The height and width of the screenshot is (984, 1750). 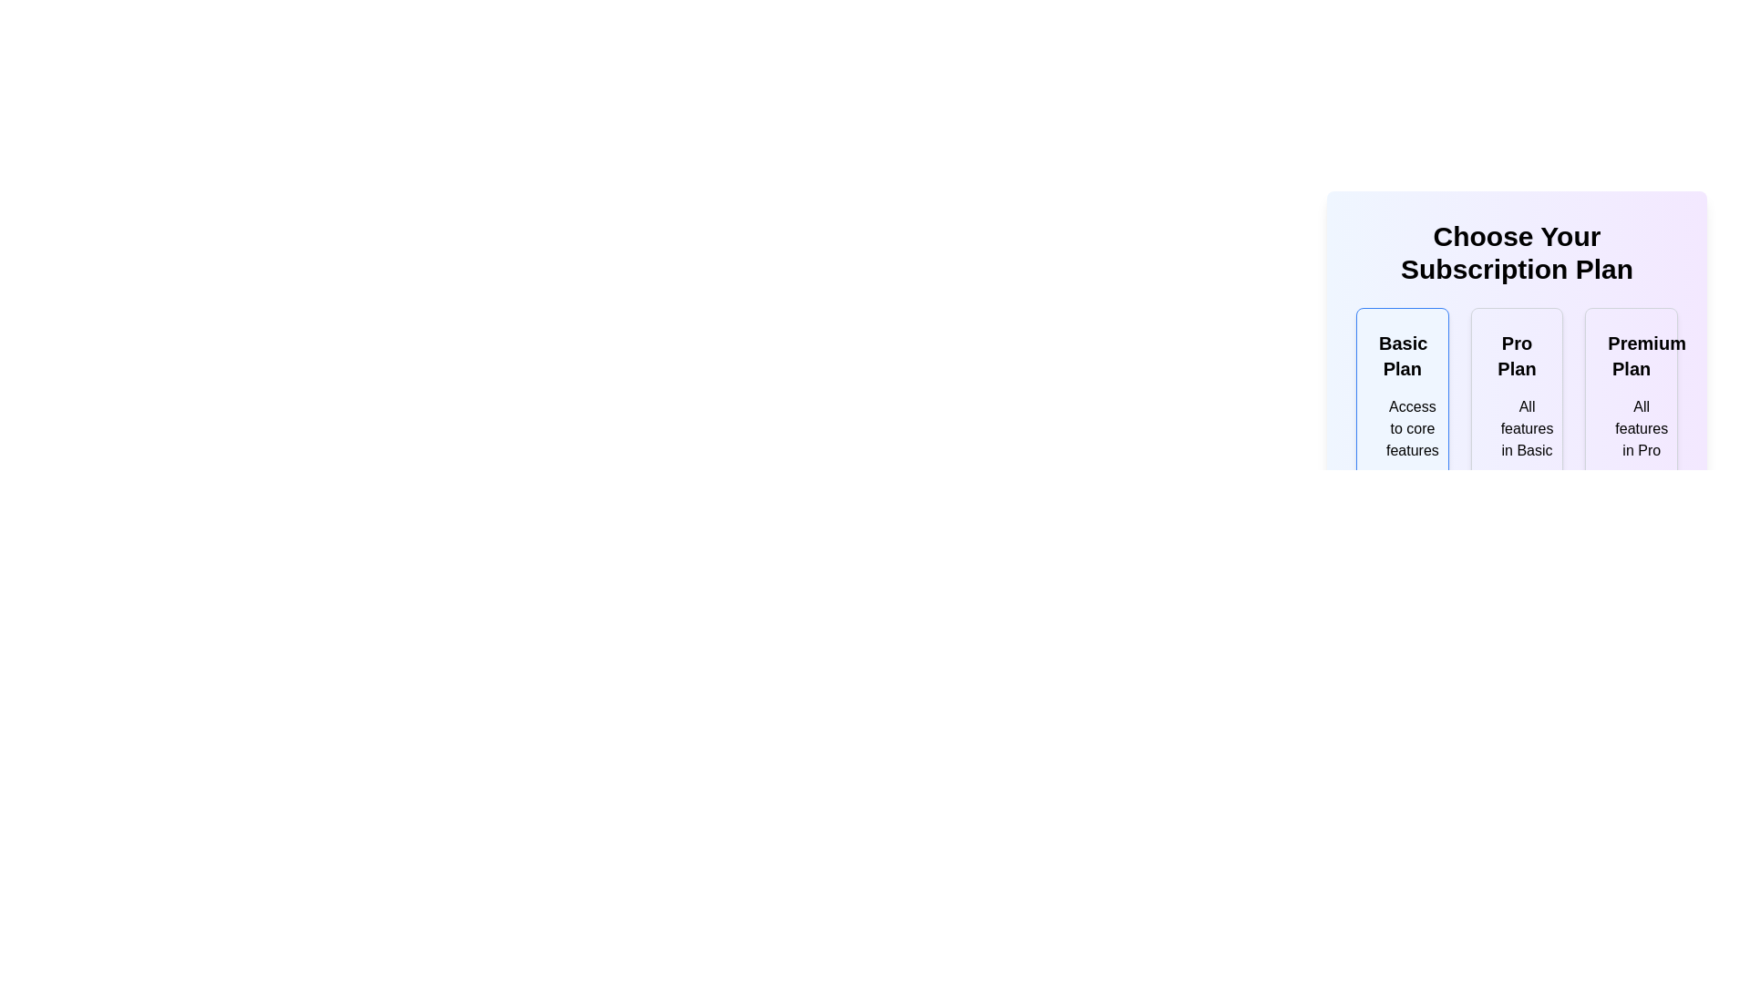 What do you see at coordinates (1411, 428) in the screenshot?
I see `the text label displaying 'Access to core features'` at bounding box center [1411, 428].